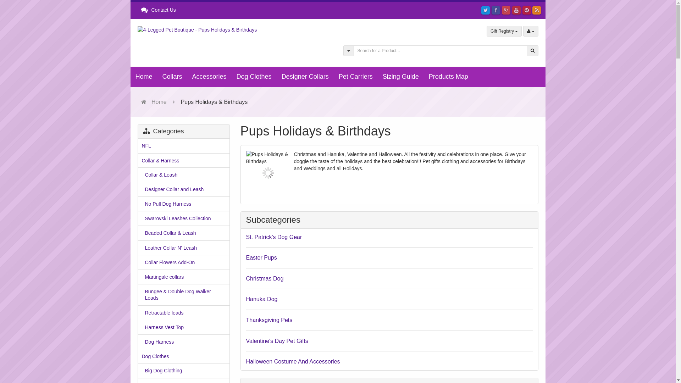  I want to click on 'Beaded Collar & Leash', so click(138, 233).